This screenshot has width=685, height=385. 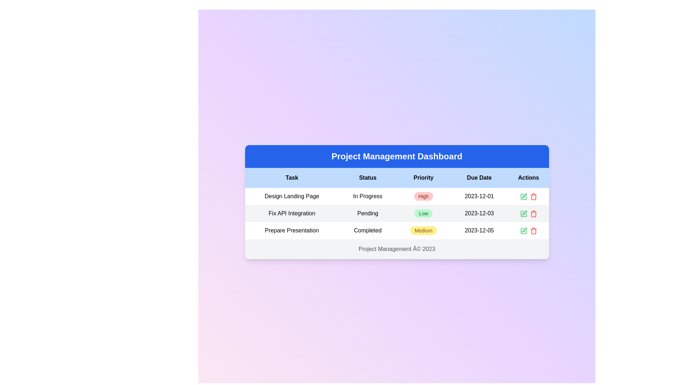 I want to click on the 'Completed' text label in the 'Status' column of the row for the task 'Prepare Presentation' in the Project Management Dashboard, so click(x=367, y=231).